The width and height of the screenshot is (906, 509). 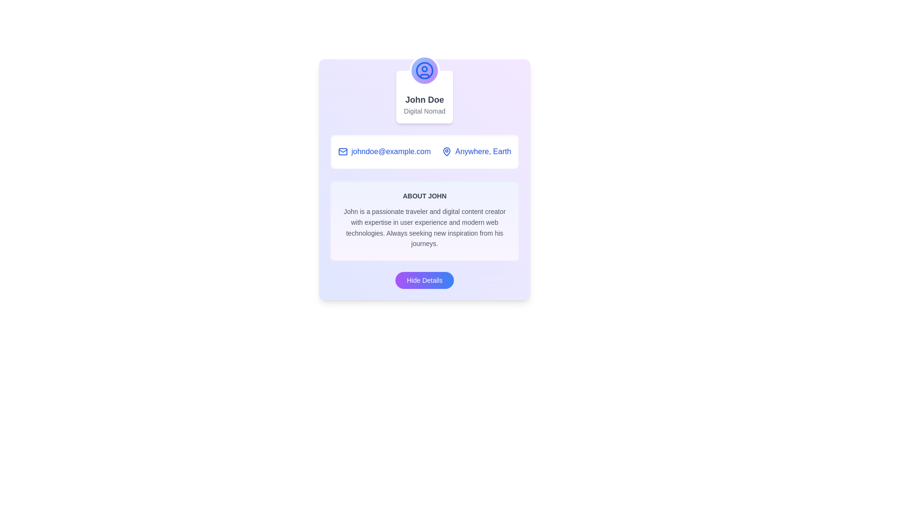 I want to click on the contact and location information section below the 'Digital Nomad' text if it is interactive, so click(x=424, y=151).